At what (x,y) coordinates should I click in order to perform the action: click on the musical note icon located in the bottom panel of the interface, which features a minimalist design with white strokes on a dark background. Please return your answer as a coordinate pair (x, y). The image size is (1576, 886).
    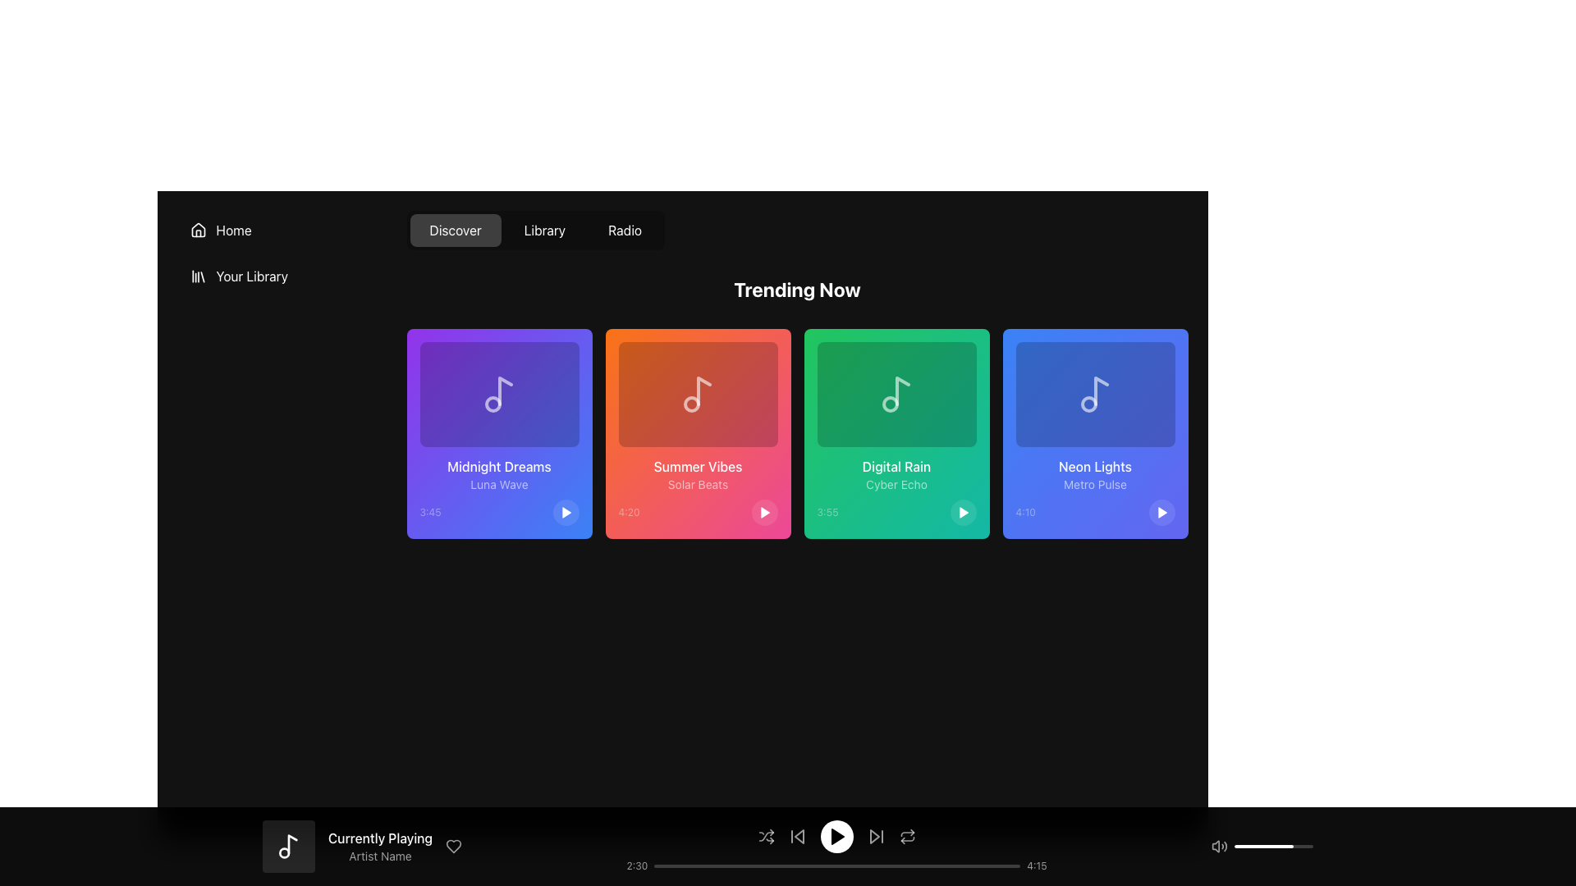
    Looking at the image, I should click on (288, 847).